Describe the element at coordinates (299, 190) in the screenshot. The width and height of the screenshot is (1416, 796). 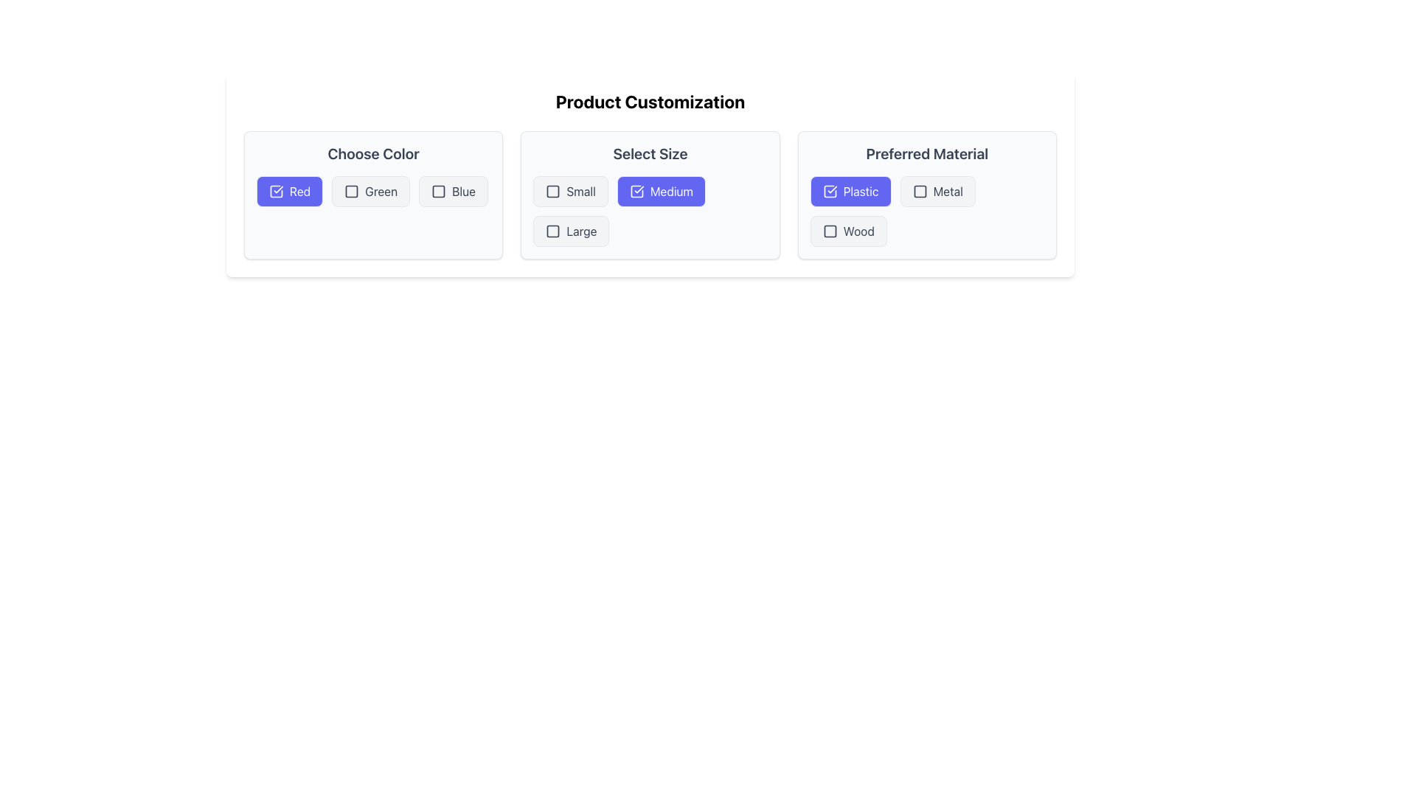
I see `the text label that displays 'Red' on the purple button in the 'Choose Color' section` at that location.